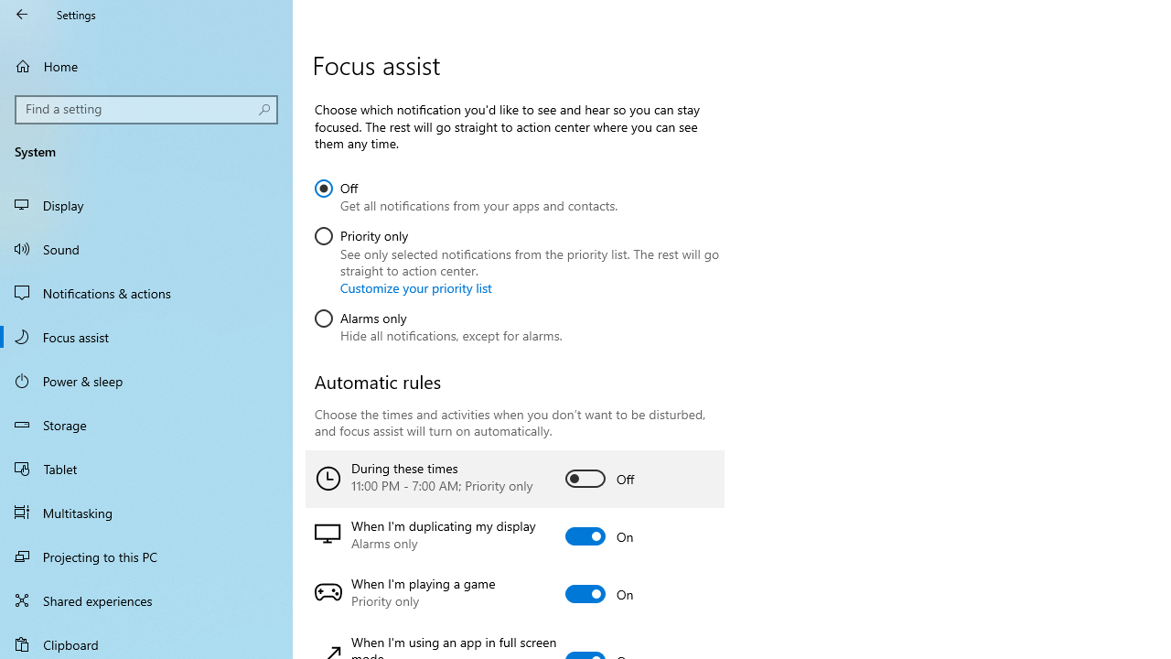  Describe the element at coordinates (415, 287) in the screenshot. I see `'Customize your priority list'` at that location.